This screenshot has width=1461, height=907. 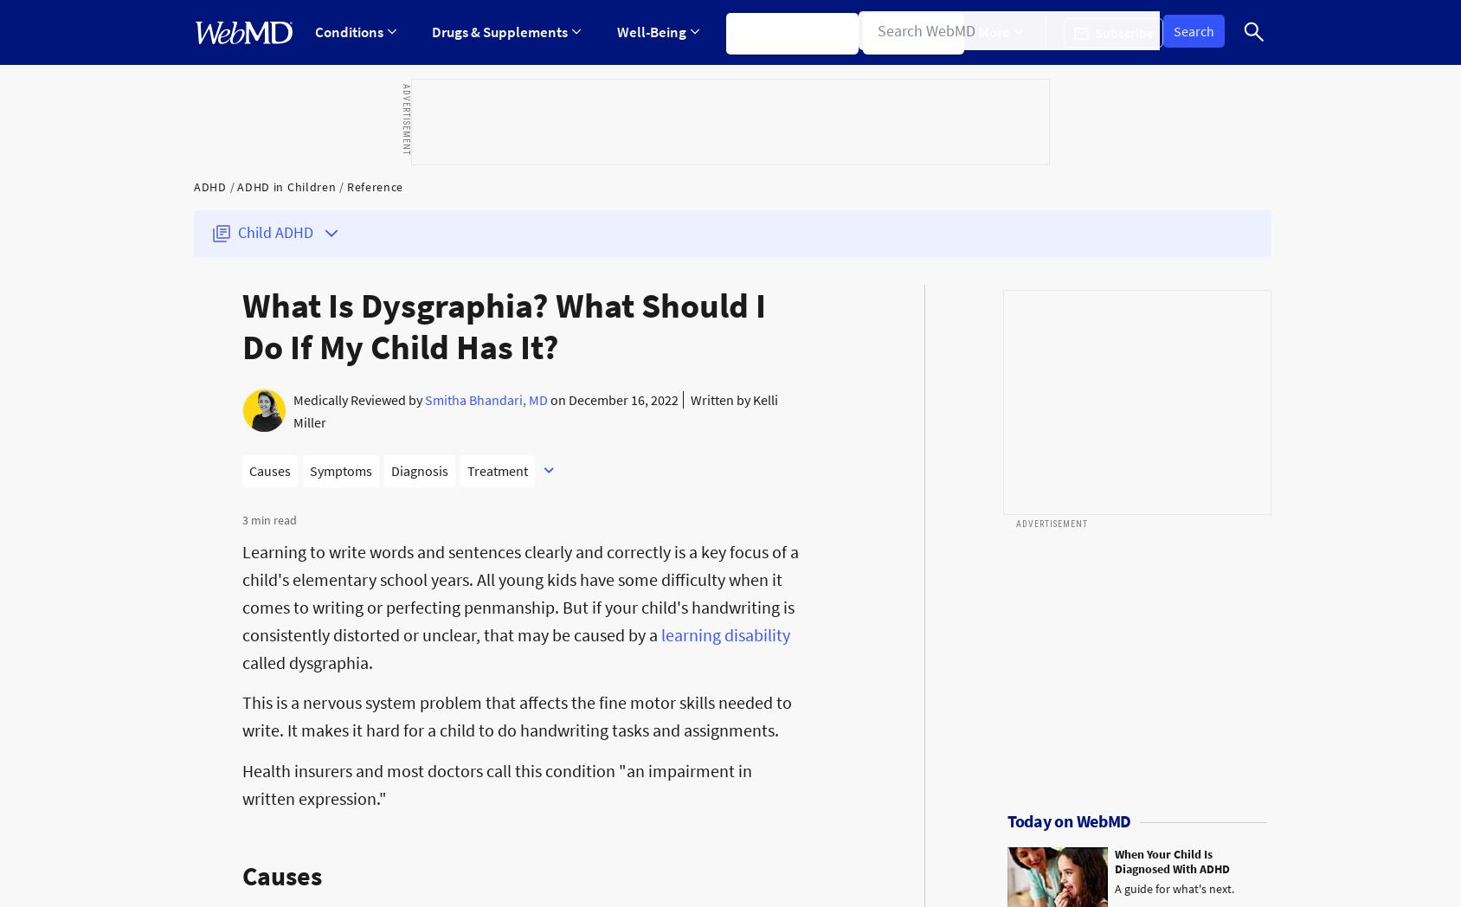 What do you see at coordinates (1173, 887) in the screenshot?
I see `'A guide for what's next.'` at bounding box center [1173, 887].